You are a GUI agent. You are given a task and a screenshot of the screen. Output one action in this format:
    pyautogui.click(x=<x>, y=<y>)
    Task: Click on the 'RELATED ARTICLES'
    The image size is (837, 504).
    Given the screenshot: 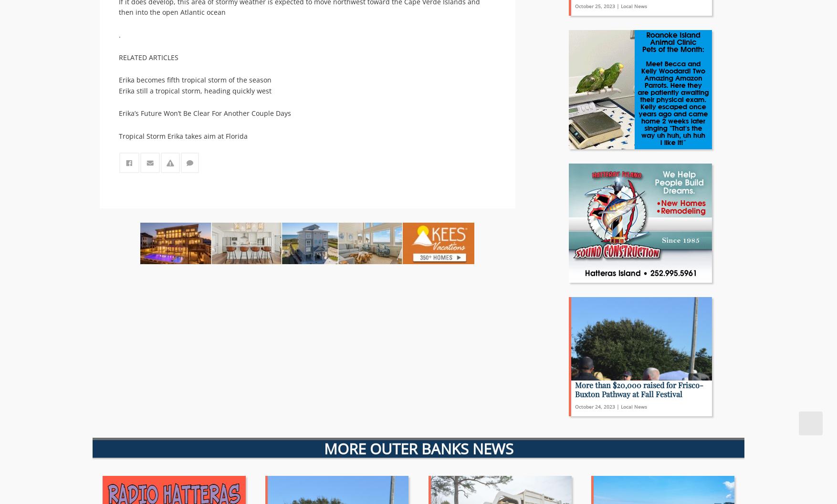 What is the action you would take?
    pyautogui.click(x=148, y=56)
    